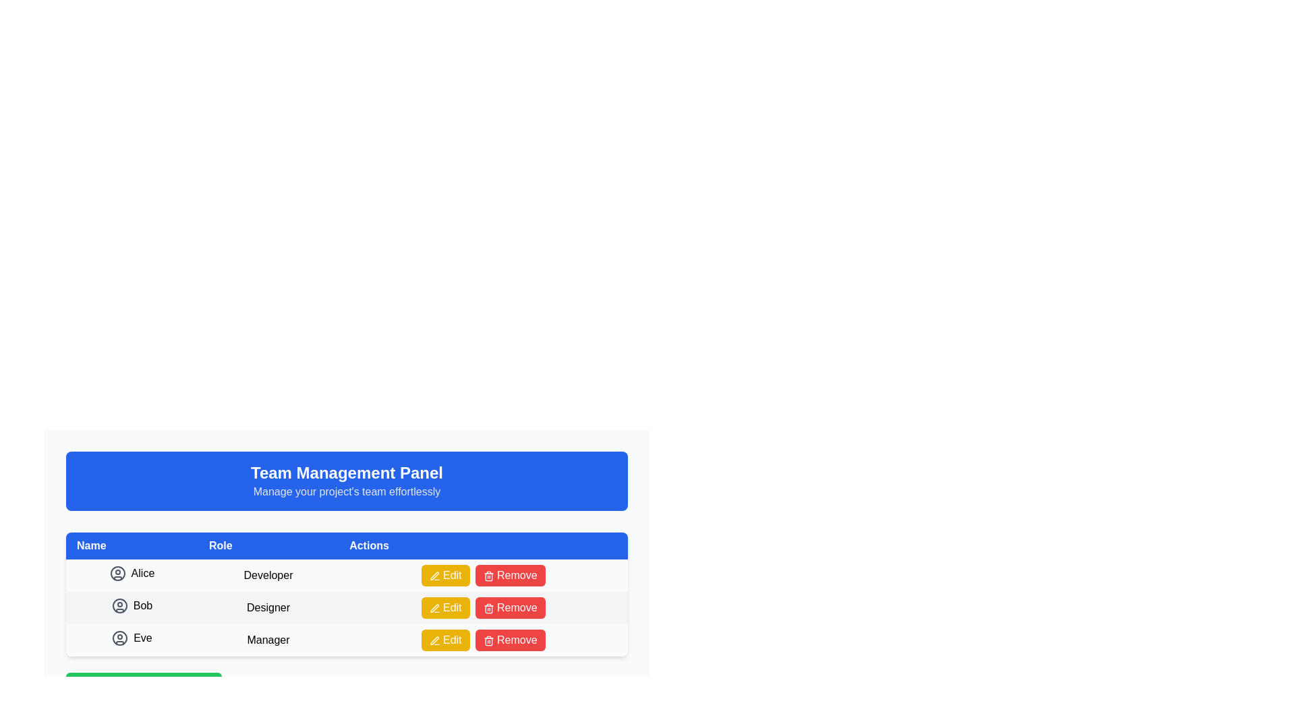 This screenshot has height=728, width=1295. What do you see at coordinates (132, 575) in the screenshot?
I see `the label displaying the name 'Alice' which is the first entry in the 'Name' column of the data table, adjacent to the role 'Developer'` at bounding box center [132, 575].